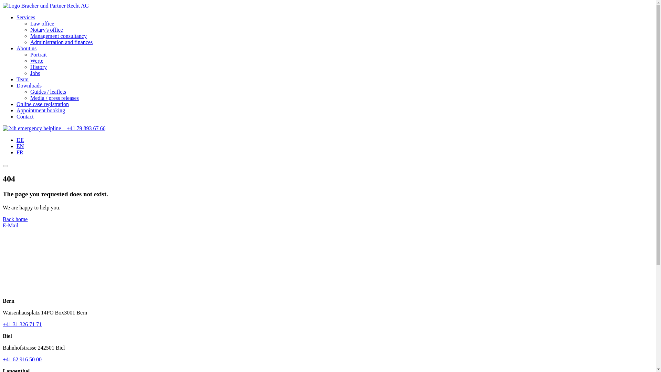 This screenshot has width=661, height=372. Describe the element at coordinates (30, 91) in the screenshot. I see `'Guides / leaflets'` at that location.